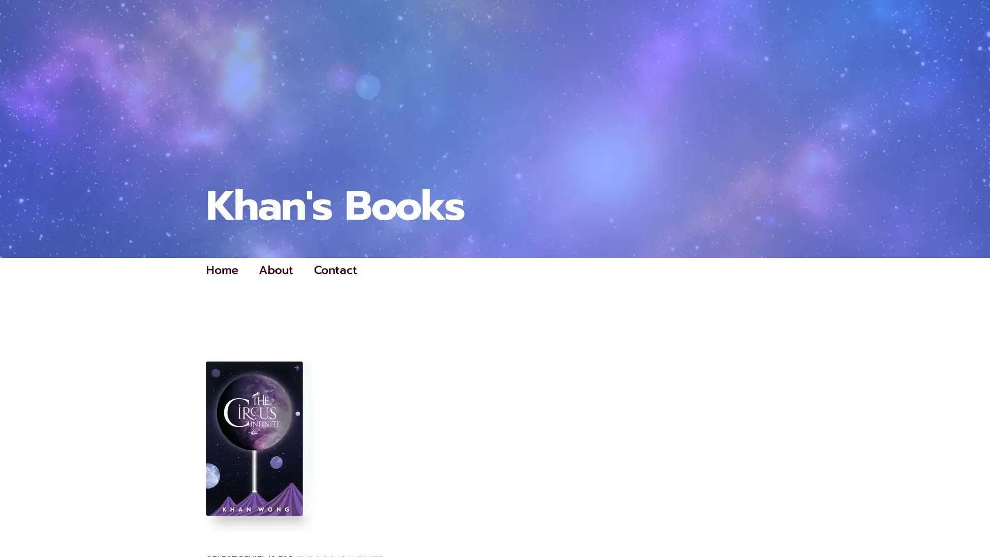  Describe the element at coordinates (970, 522) in the screenshot. I see `Scroll to top` at that location.